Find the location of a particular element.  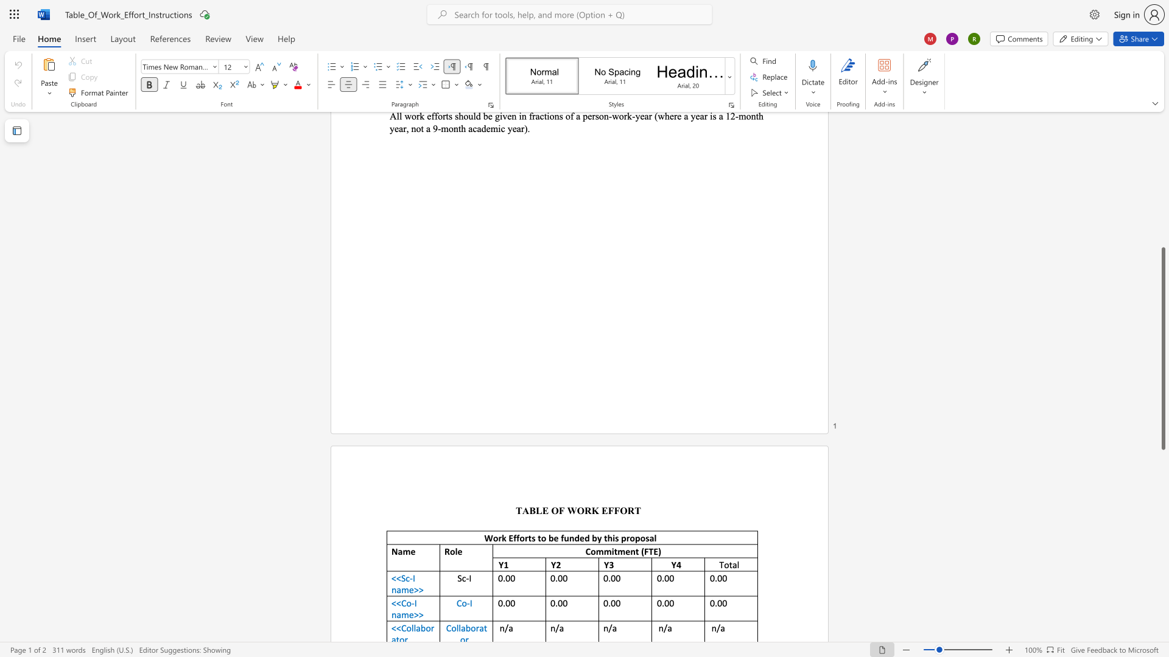

the side scrollbar to bring the page up is located at coordinates (1162, 194).